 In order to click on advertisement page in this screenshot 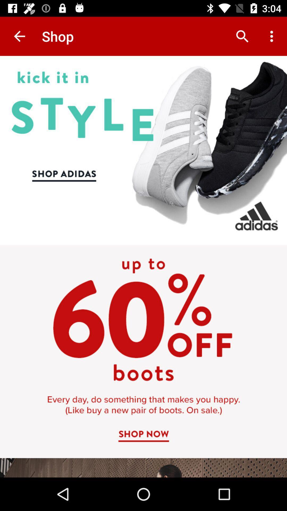, I will do `click(143, 267)`.